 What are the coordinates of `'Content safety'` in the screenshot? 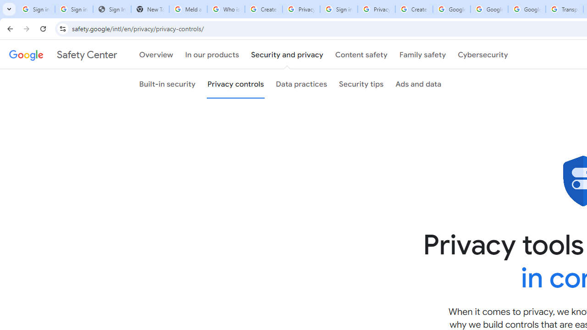 It's located at (360, 55).